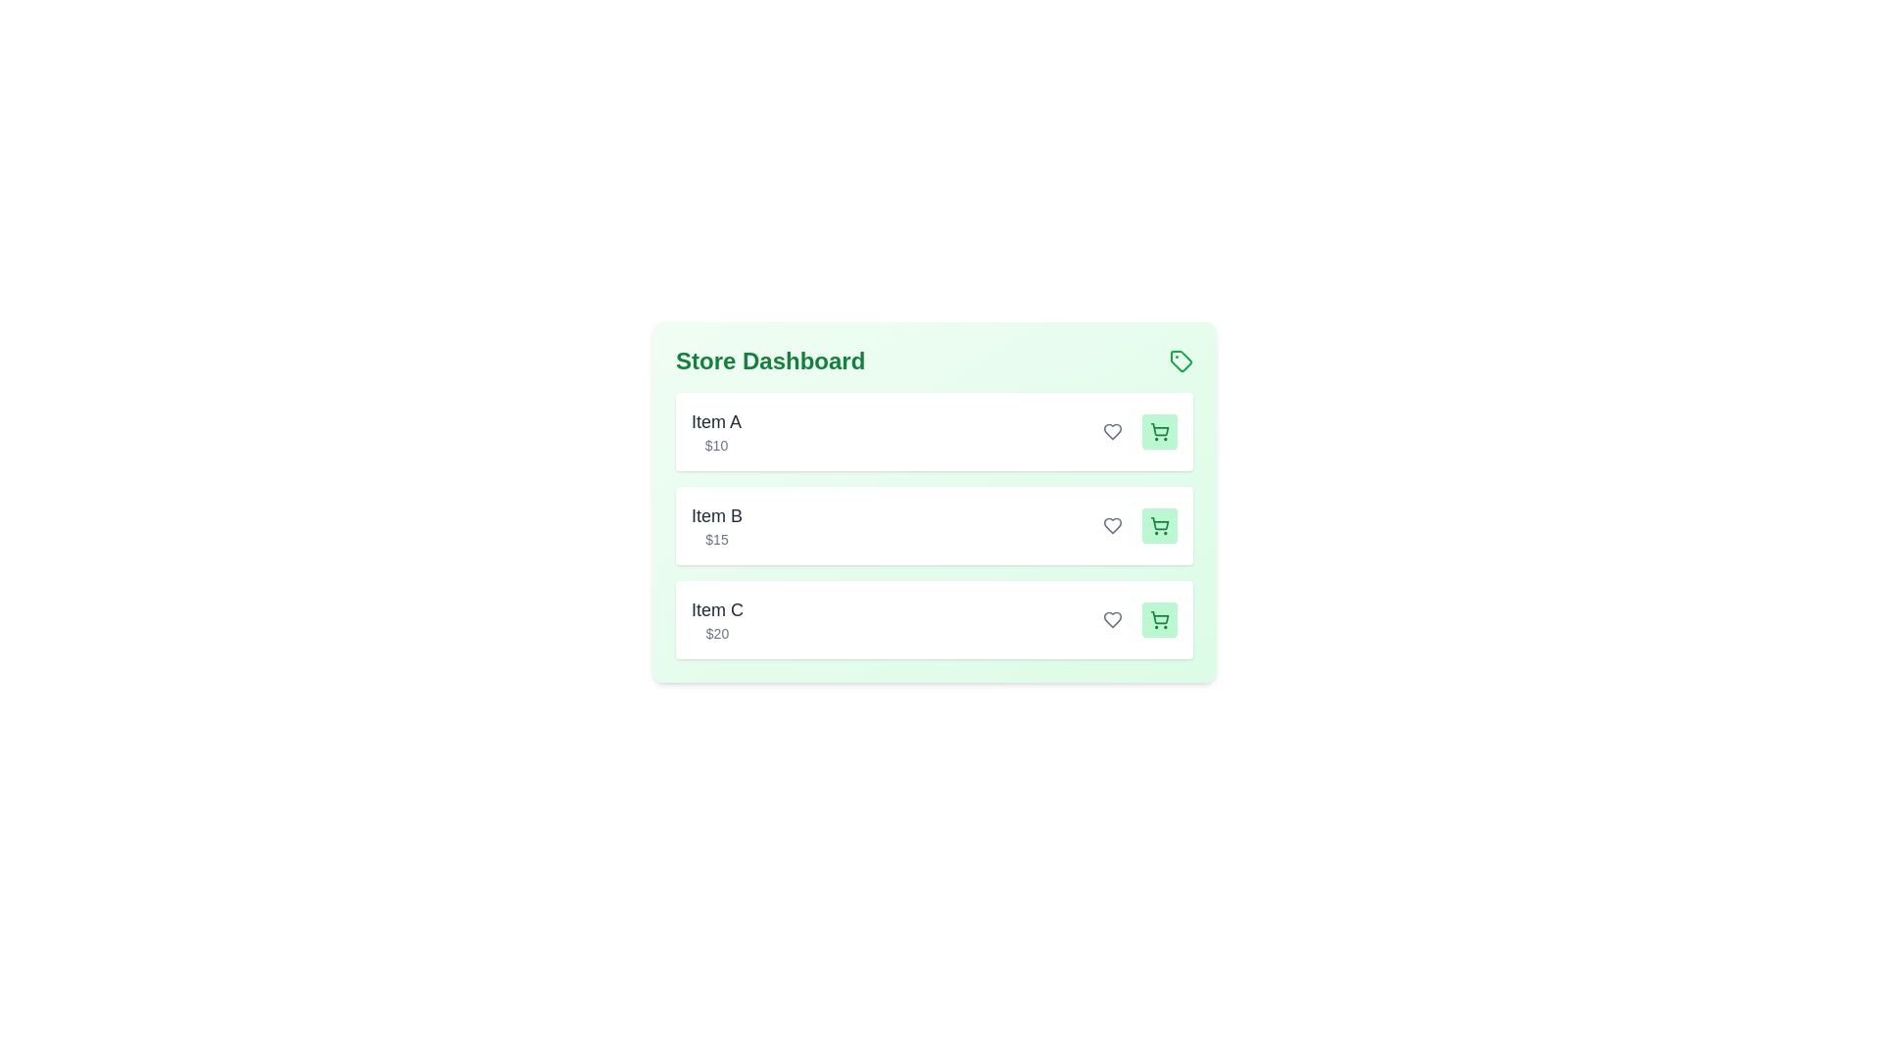 The height and width of the screenshot is (1058, 1881). What do you see at coordinates (1113, 524) in the screenshot?
I see `the heart icon located in the second row next to 'Item B'` at bounding box center [1113, 524].